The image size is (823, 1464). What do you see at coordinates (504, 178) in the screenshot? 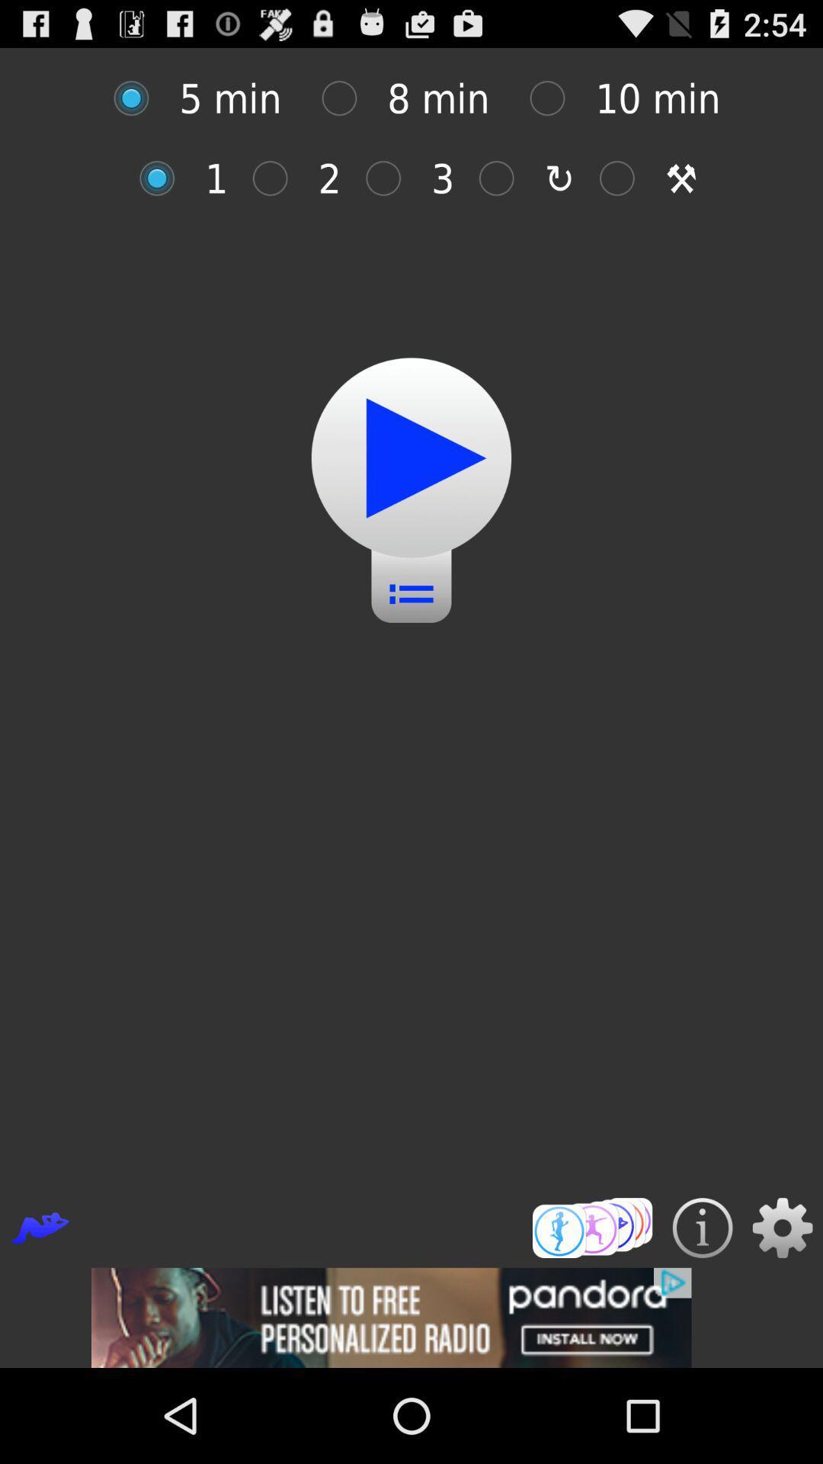
I see `option` at bounding box center [504, 178].